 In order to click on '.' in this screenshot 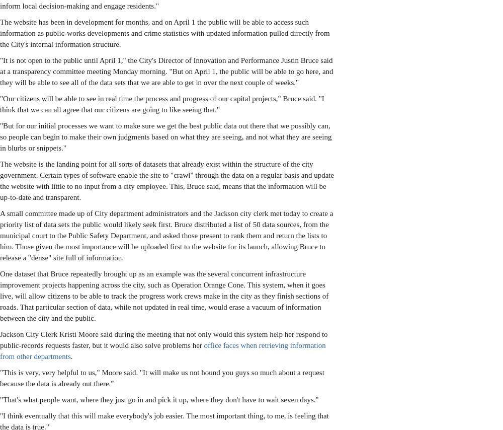, I will do `click(71, 356)`.